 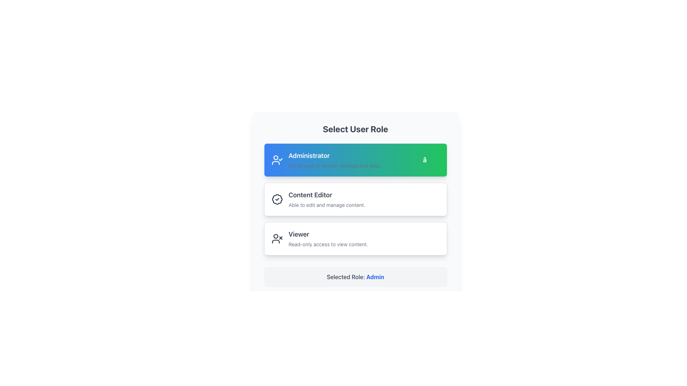 What do you see at coordinates (364, 244) in the screenshot?
I see `the descriptive text label displaying 'Read-only access` at bounding box center [364, 244].